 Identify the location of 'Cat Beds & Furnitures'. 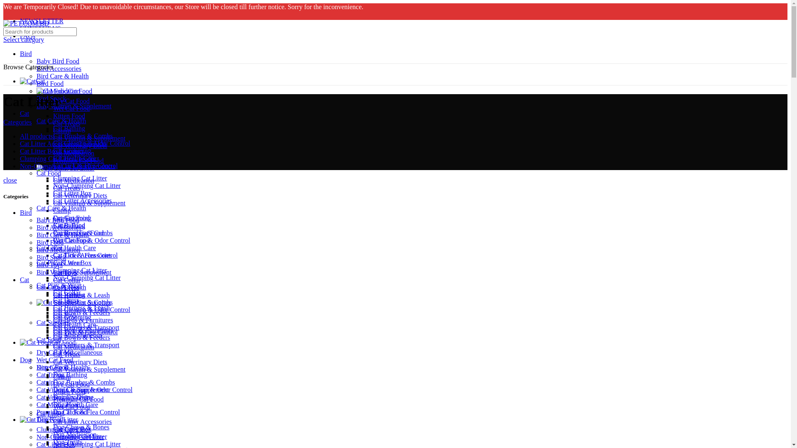
(83, 319).